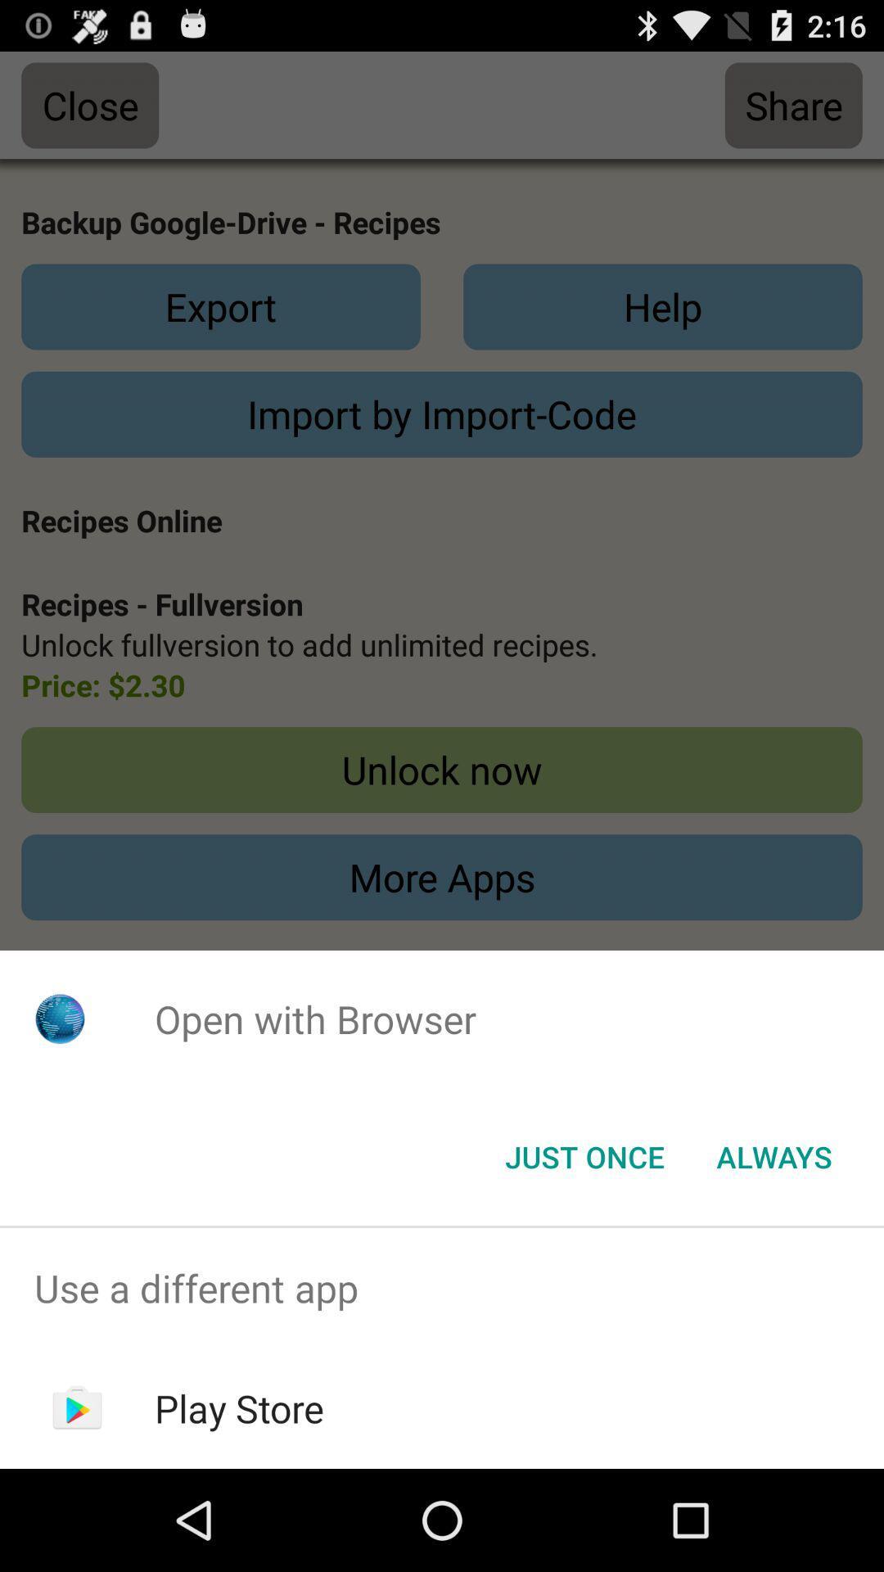 The height and width of the screenshot is (1572, 884). What do you see at coordinates (584, 1155) in the screenshot?
I see `just once` at bounding box center [584, 1155].